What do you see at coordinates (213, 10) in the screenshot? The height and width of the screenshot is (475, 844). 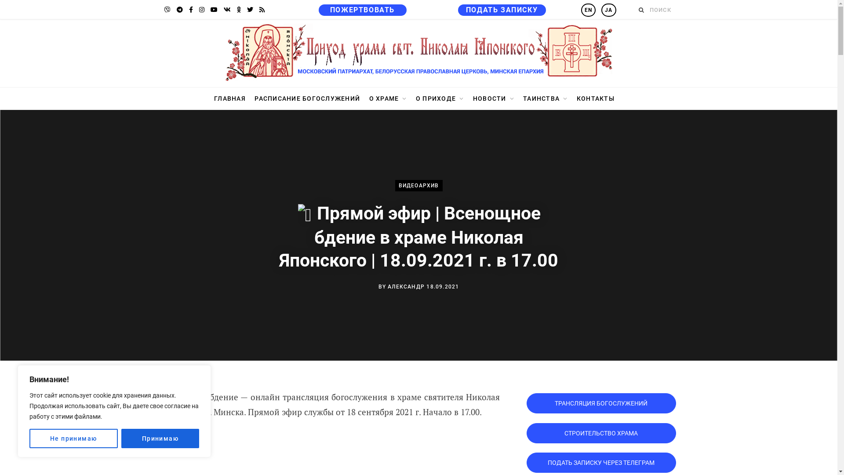 I see `'YouTube'` at bounding box center [213, 10].